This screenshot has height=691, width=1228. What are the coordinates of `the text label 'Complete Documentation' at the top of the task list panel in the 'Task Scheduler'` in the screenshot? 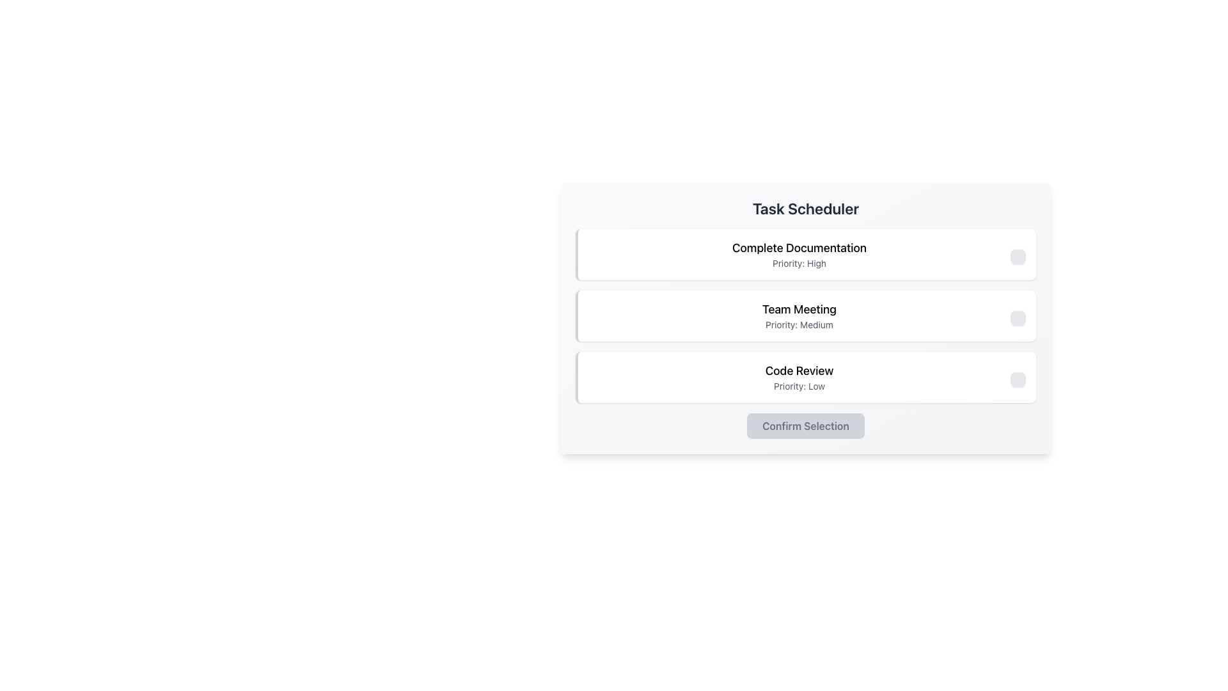 It's located at (798, 248).